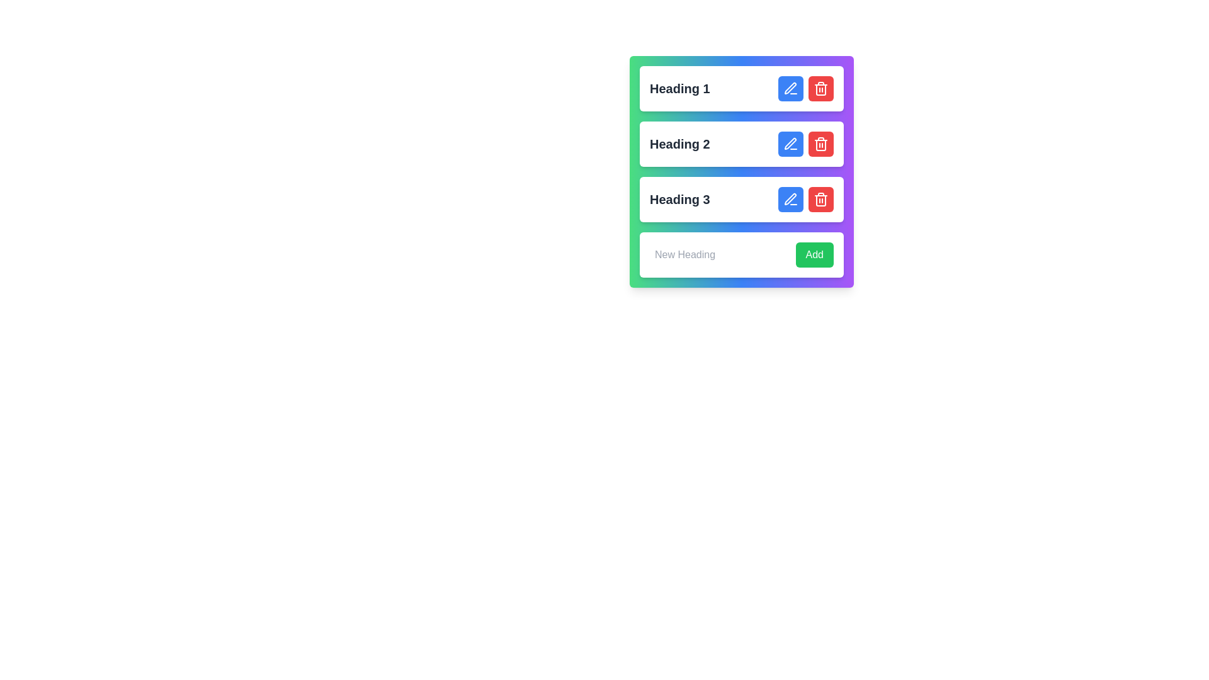 This screenshot has width=1209, height=680. I want to click on the red button with a white trash bin icon located at the right side of the second row, so click(821, 143).